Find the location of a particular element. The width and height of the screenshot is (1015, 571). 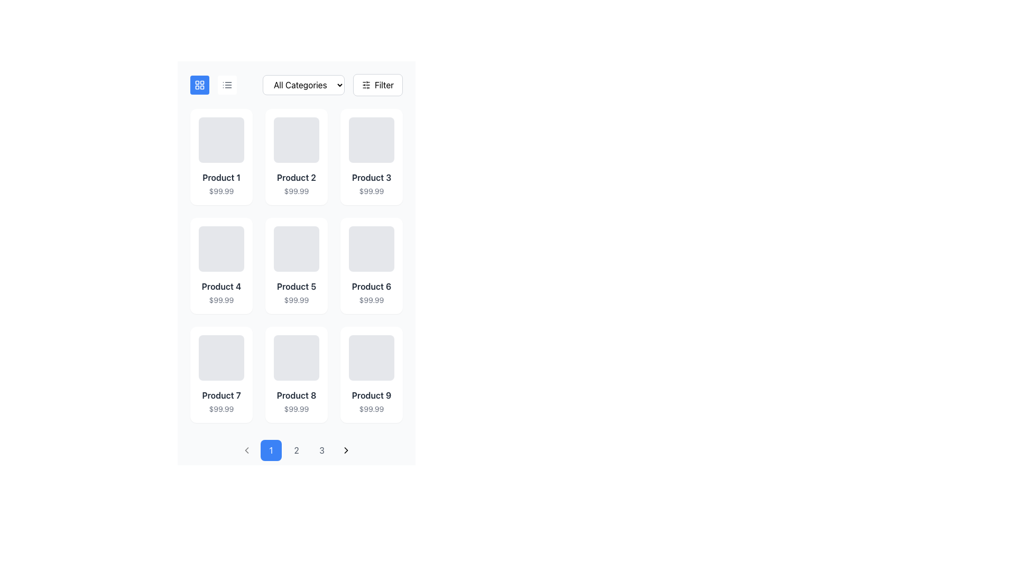

the dropdown menu labeled 'All Categories' which is centrally located at the top of the page, styled with a light gray border and a light blue focus ring when active is located at coordinates (303, 85).